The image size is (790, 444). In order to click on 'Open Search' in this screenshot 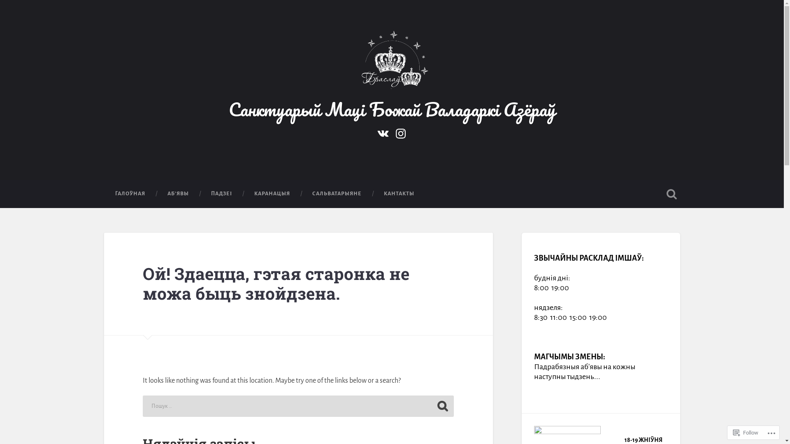, I will do `click(663, 194)`.